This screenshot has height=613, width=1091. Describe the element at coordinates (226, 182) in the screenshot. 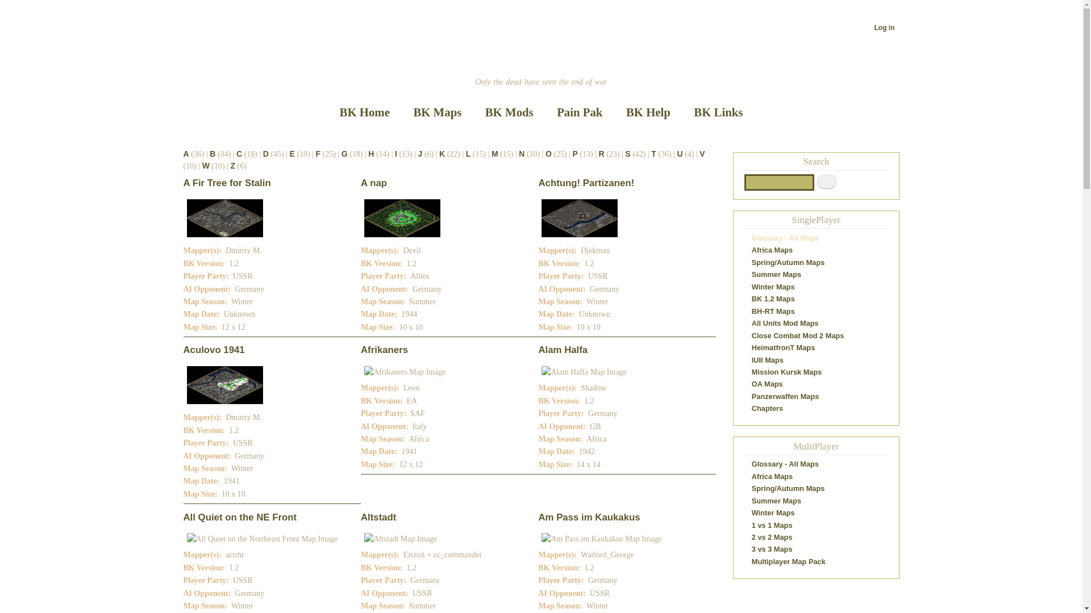

I see `'A Fir Tree for Stalin'` at that location.